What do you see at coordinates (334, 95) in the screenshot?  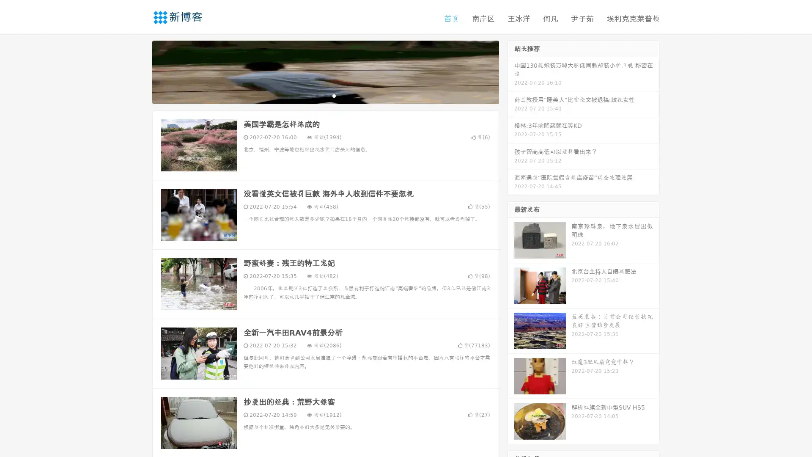 I see `Go to slide 3` at bounding box center [334, 95].